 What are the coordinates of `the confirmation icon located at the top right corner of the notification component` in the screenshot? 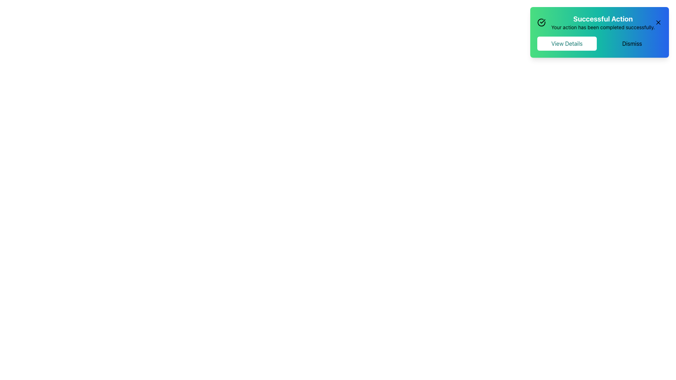 It's located at (542, 21).